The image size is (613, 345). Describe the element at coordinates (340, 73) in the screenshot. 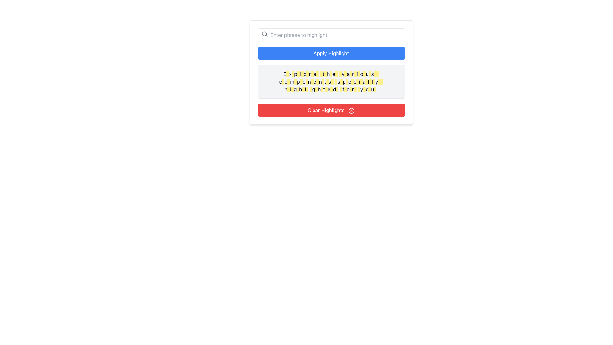

I see `the small rectangular highlight with a yellow background that highlights the 'V' in 'various' within the text block containing 'Explore the various components specially highlighted for you.'` at that location.